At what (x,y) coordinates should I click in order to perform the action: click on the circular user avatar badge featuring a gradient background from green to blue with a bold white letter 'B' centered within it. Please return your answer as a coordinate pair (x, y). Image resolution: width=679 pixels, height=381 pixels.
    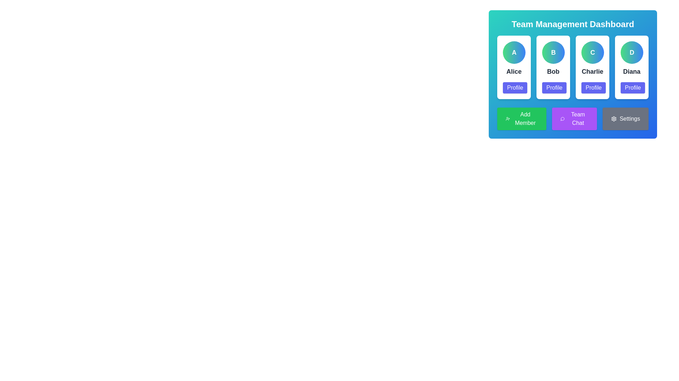
    Looking at the image, I should click on (553, 52).